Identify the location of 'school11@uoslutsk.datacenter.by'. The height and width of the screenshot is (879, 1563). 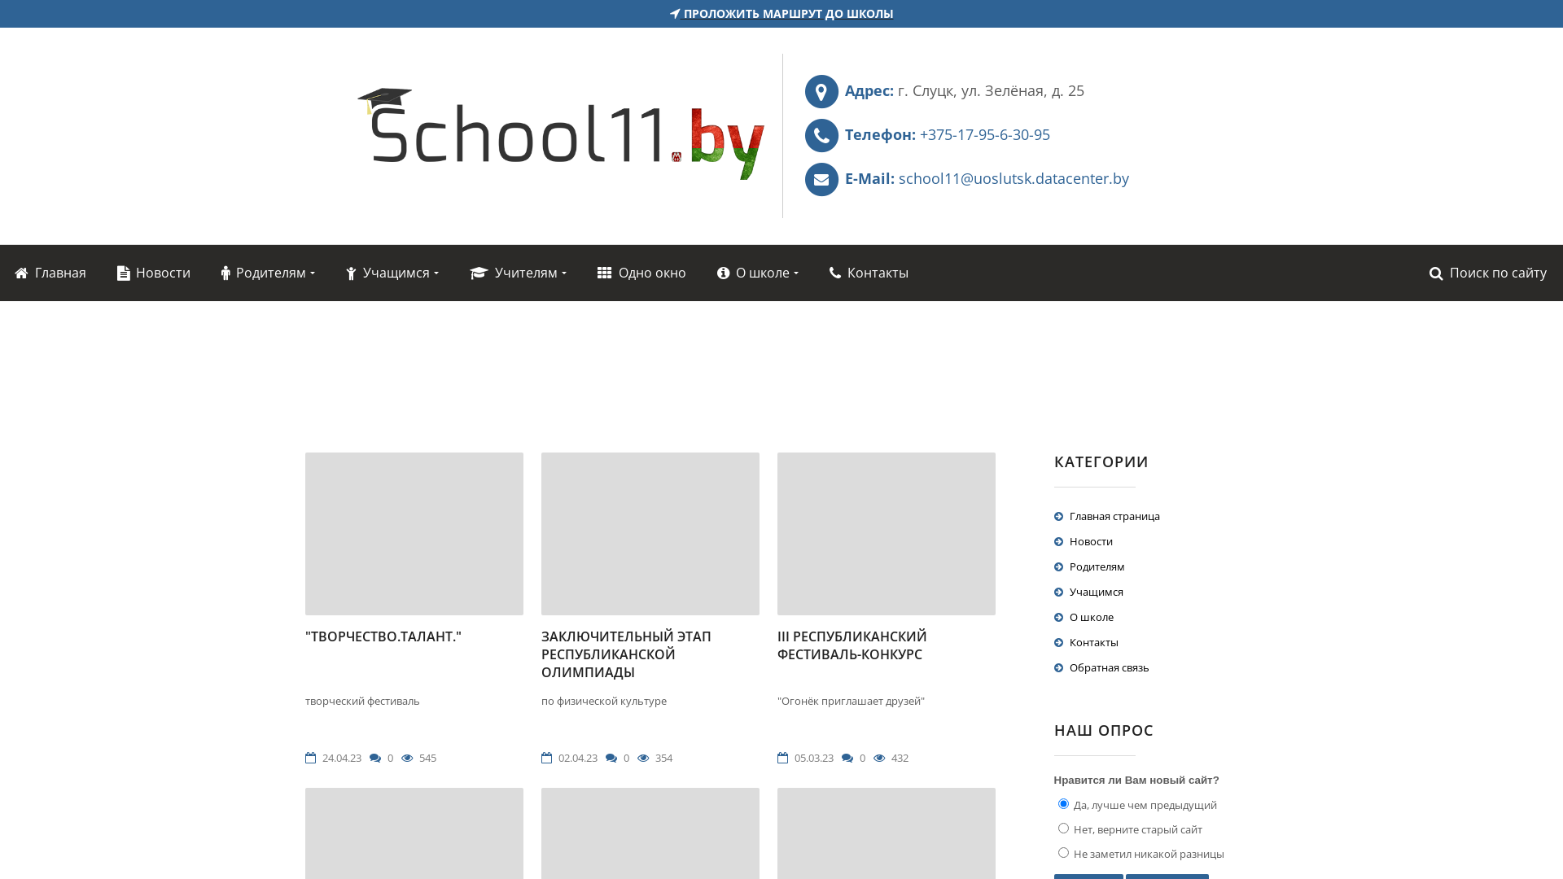
(1013, 178).